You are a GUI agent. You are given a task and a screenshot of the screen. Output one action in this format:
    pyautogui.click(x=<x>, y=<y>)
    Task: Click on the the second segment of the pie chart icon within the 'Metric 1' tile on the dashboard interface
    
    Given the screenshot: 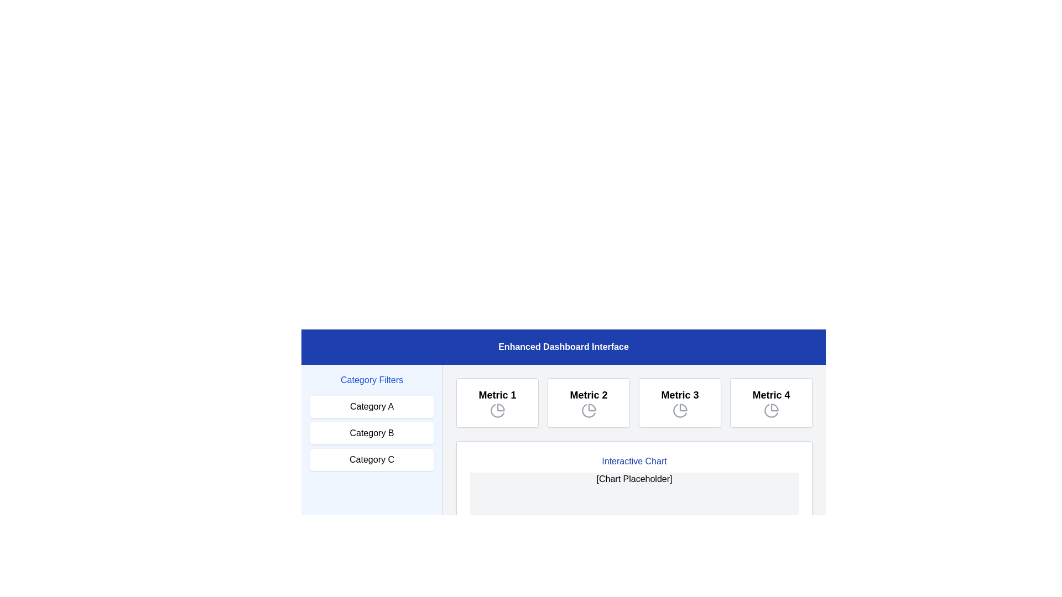 What is the action you would take?
    pyautogui.click(x=496, y=411)
    